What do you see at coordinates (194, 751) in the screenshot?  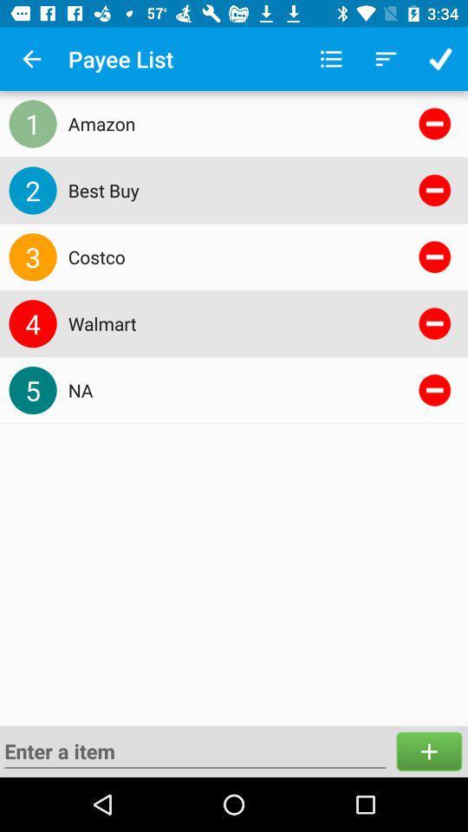 I see `new row` at bounding box center [194, 751].